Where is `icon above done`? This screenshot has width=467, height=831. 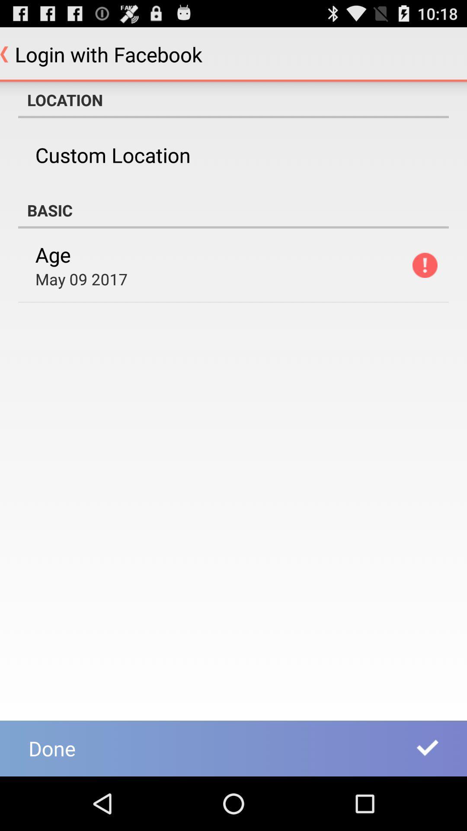 icon above done is located at coordinates (81, 279).